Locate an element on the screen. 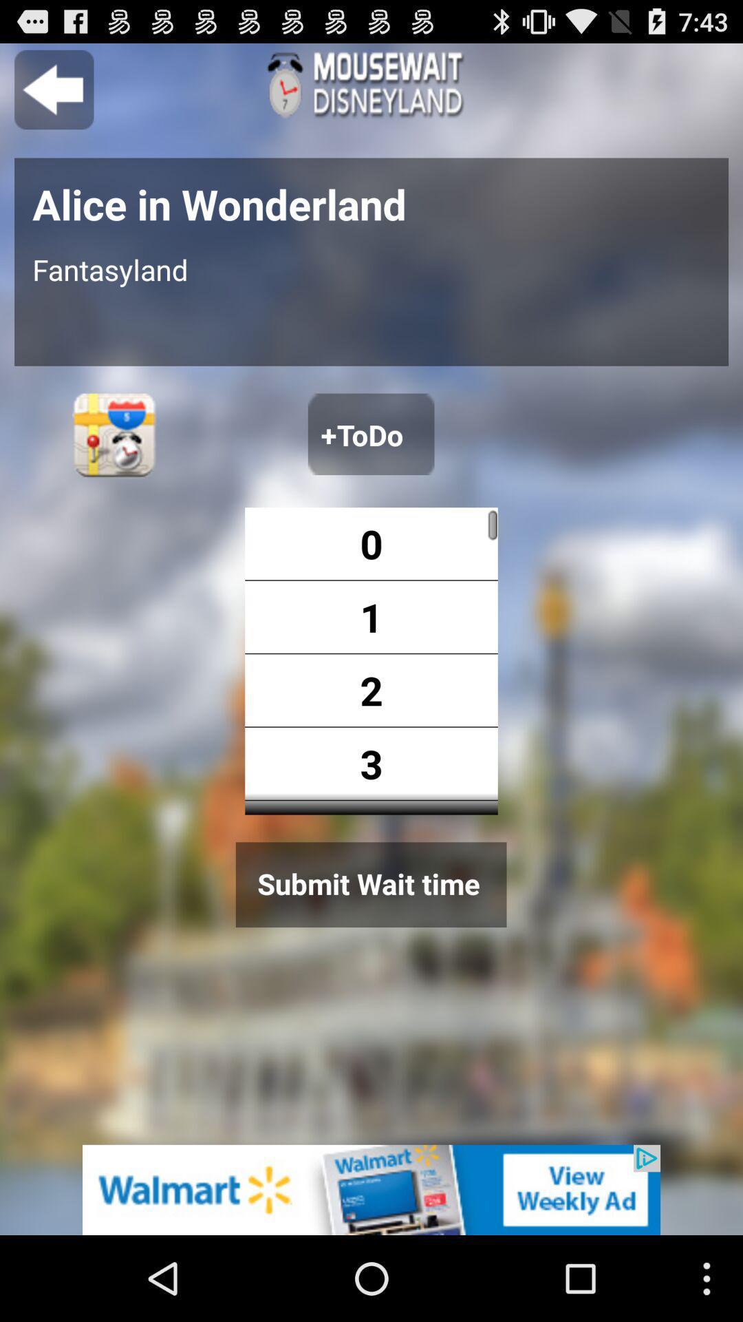 The height and width of the screenshot is (1322, 743). it 's a submit button is located at coordinates (370, 885).